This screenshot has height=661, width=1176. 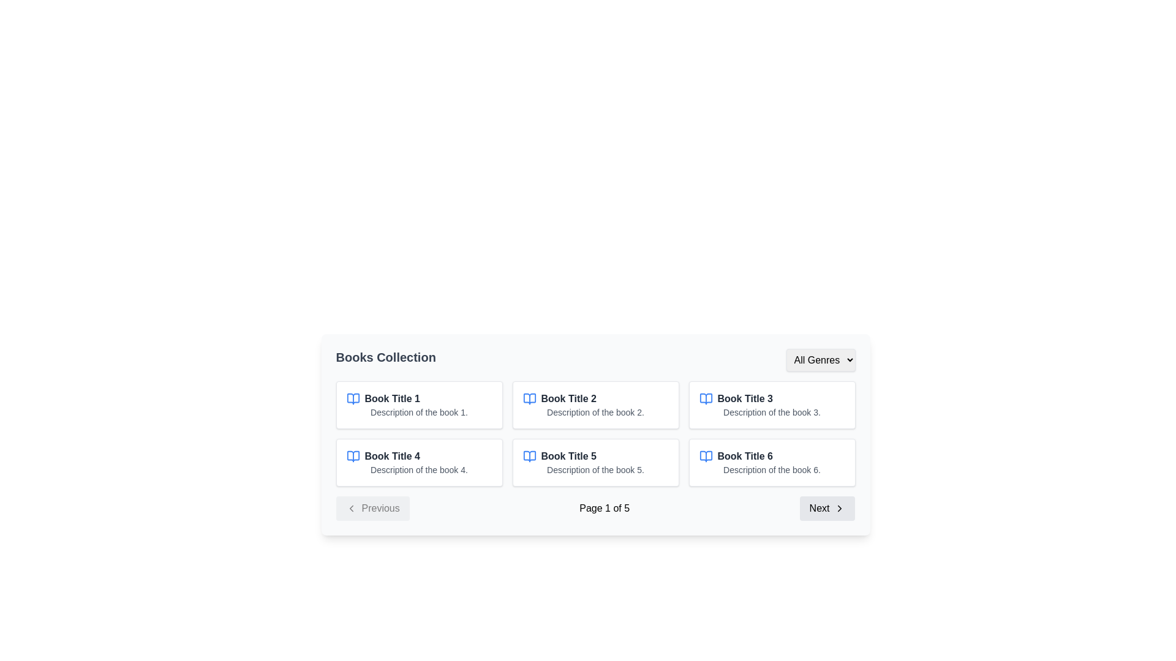 What do you see at coordinates (419, 456) in the screenshot?
I see `the Label with icon displaying 'Book Title 4' which includes an open book icon and bolded text, located in the second row of the 'Books Collection' interface` at bounding box center [419, 456].